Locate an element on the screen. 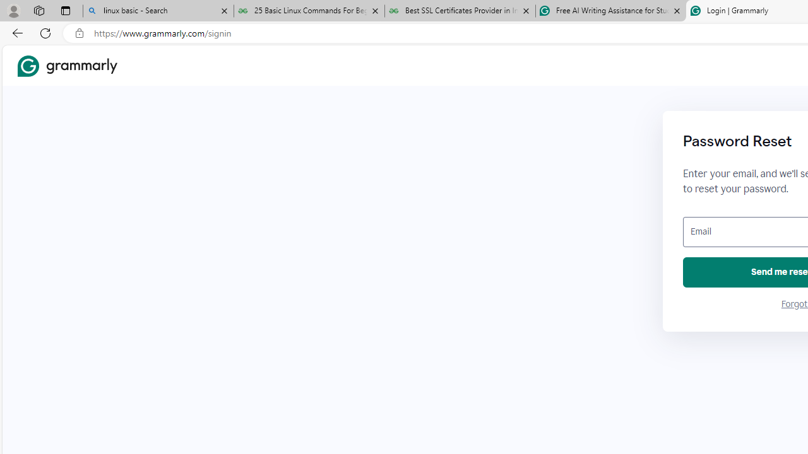 Image resolution: width=808 pixels, height=454 pixels. 'linux basic - Search' is located at coordinates (157, 11).